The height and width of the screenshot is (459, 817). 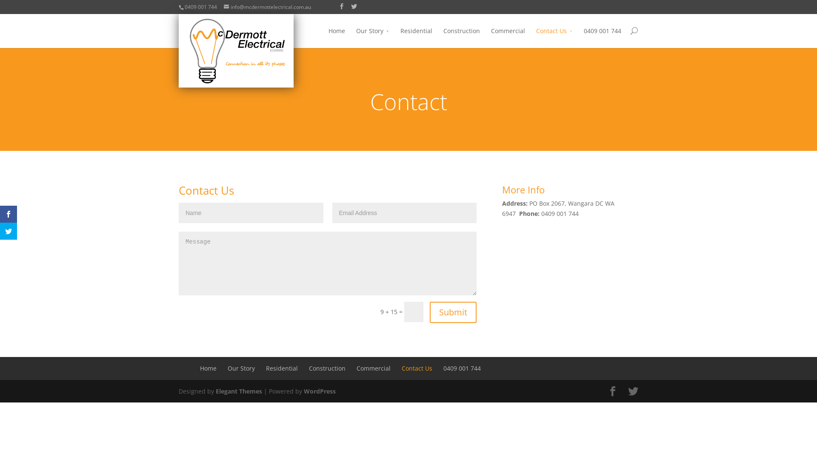 I want to click on 'info@mcdermottelectrical.com.au', so click(x=267, y=7).